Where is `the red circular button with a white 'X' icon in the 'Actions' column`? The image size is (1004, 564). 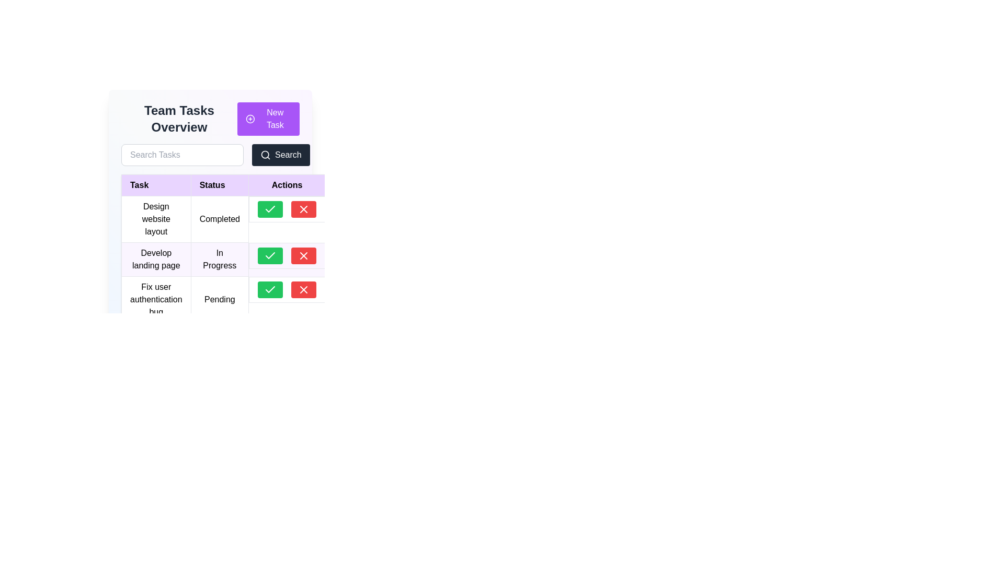 the red circular button with a white 'X' icon in the 'Actions' column is located at coordinates (303, 255).